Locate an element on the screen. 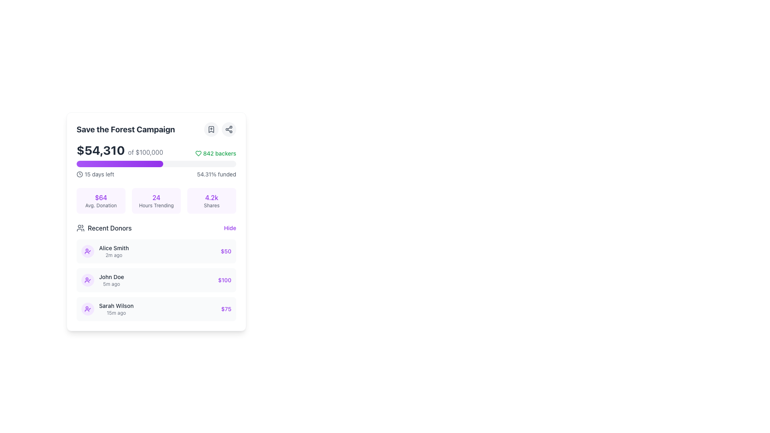 The height and width of the screenshot is (433, 770). the surrounding elements for contextual actions related to the donor name displayed in the bottom donor entry of the 'Recent Donors' section is located at coordinates (116, 306).